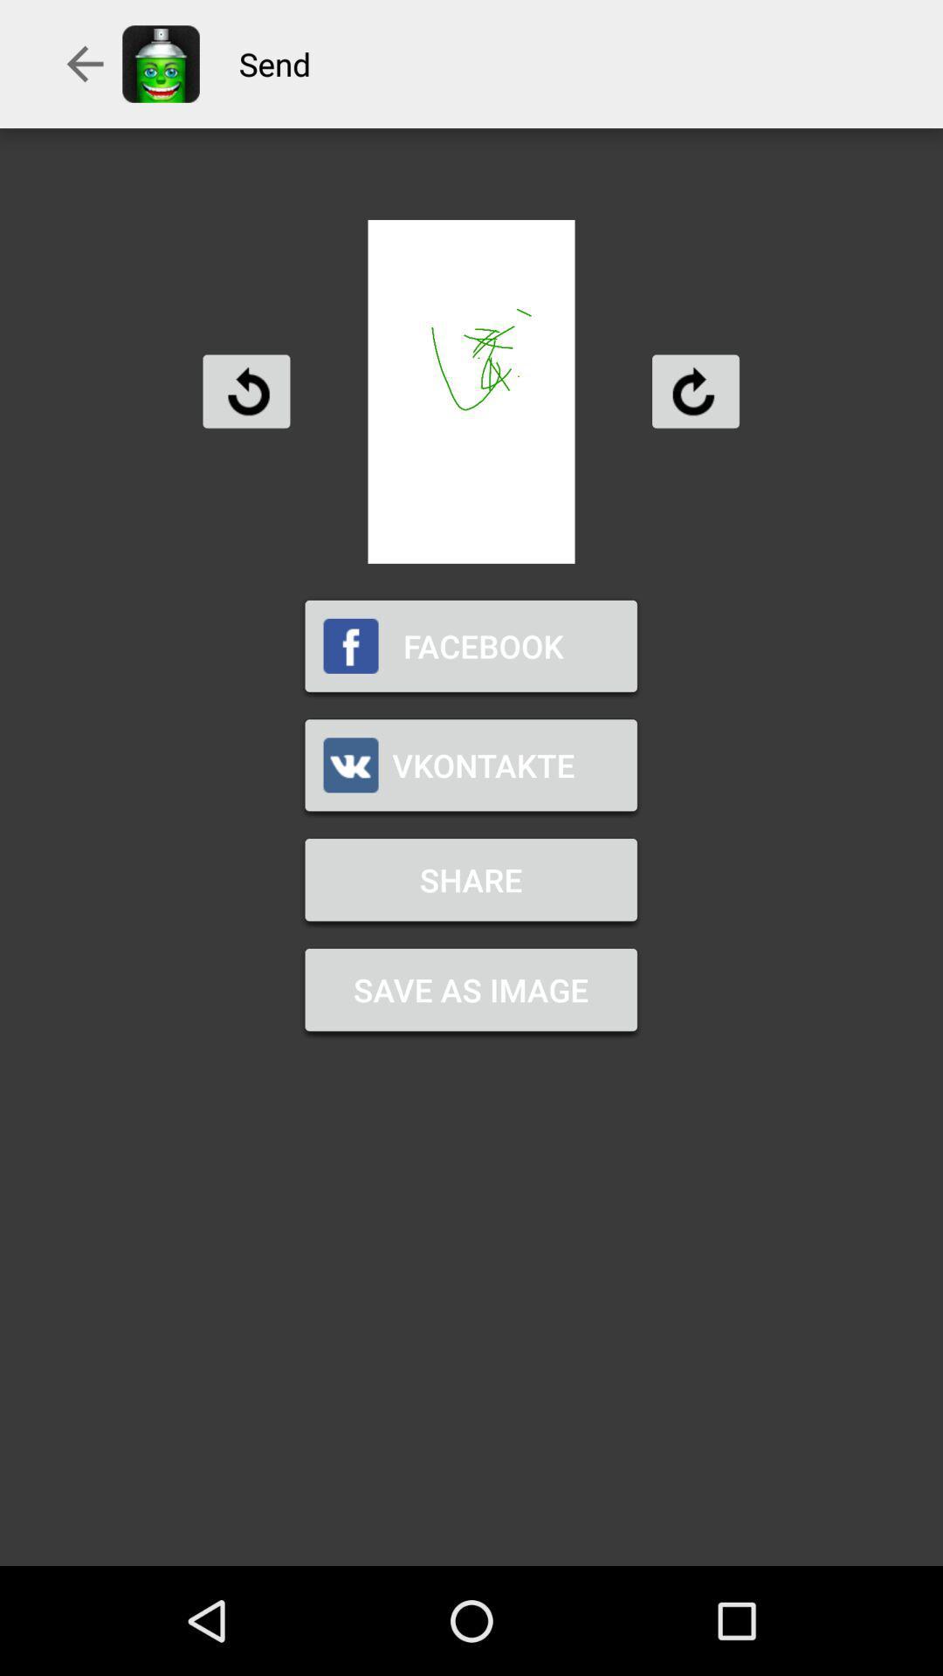 The width and height of the screenshot is (943, 1676). What do you see at coordinates (694, 390) in the screenshot?
I see `redo` at bounding box center [694, 390].